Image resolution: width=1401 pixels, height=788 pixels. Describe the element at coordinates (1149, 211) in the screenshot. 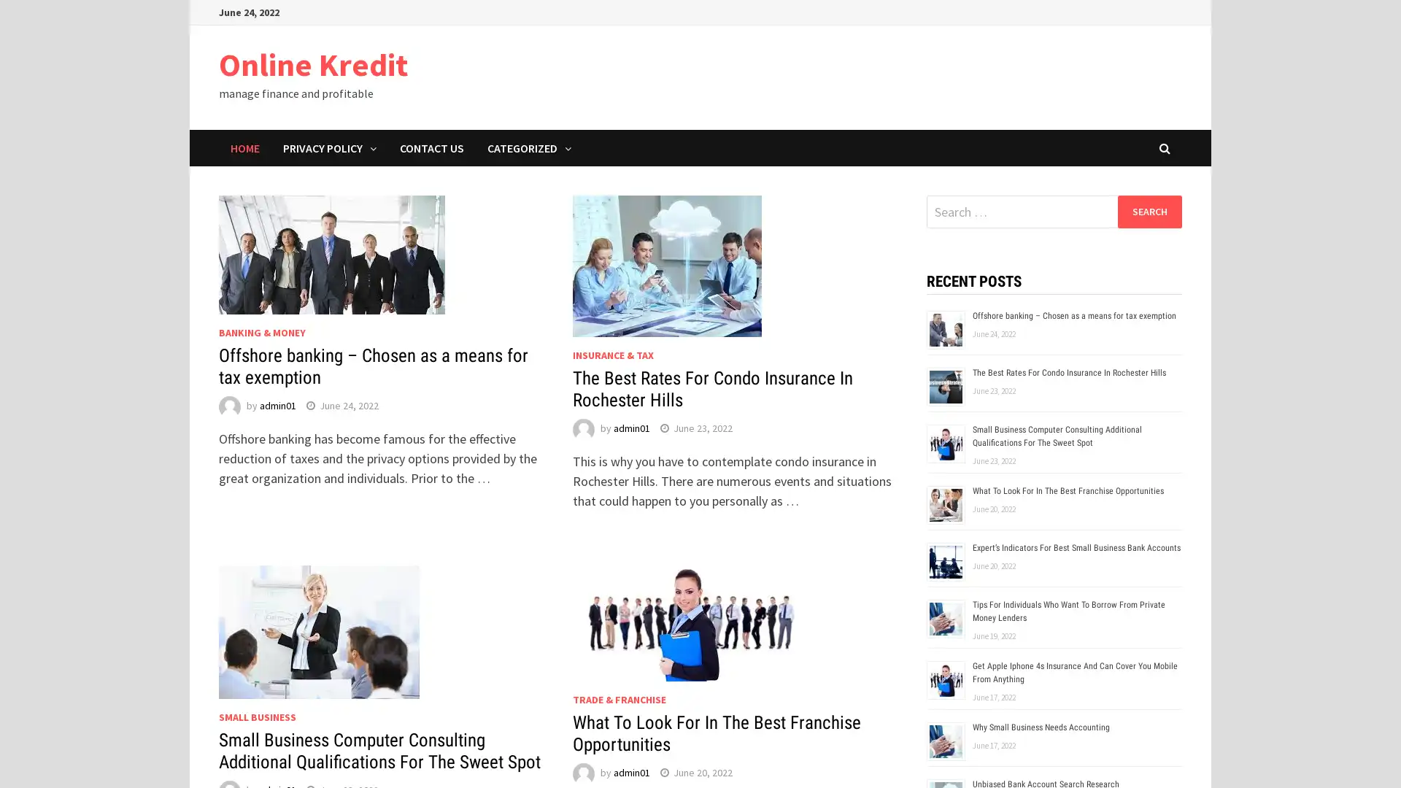

I see `Search` at that location.